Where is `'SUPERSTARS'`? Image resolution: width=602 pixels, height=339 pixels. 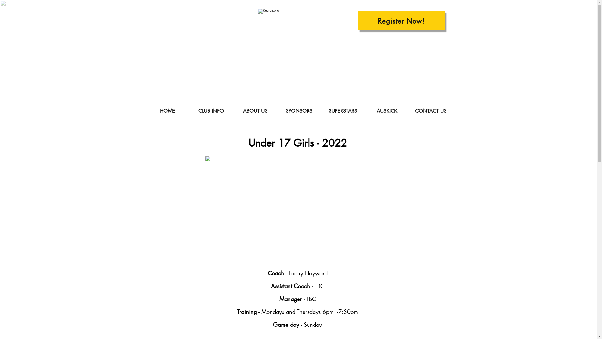 'SUPERSTARS' is located at coordinates (321, 111).